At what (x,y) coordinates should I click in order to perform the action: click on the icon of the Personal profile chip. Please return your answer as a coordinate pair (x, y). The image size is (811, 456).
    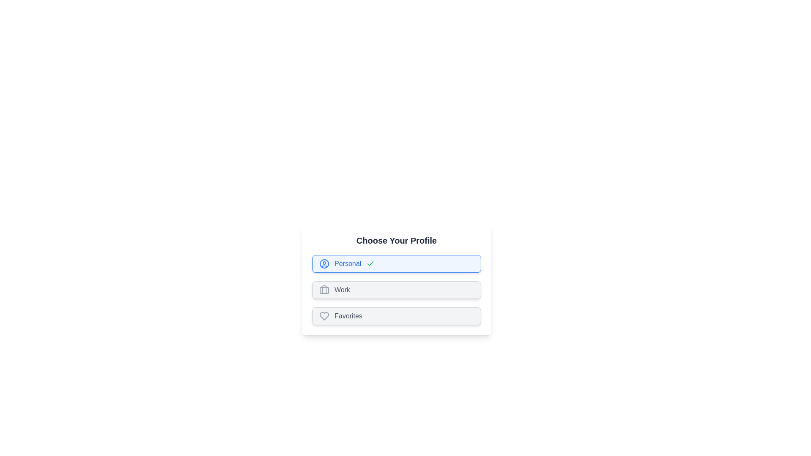
    Looking at the image, I should click on (324, 263).